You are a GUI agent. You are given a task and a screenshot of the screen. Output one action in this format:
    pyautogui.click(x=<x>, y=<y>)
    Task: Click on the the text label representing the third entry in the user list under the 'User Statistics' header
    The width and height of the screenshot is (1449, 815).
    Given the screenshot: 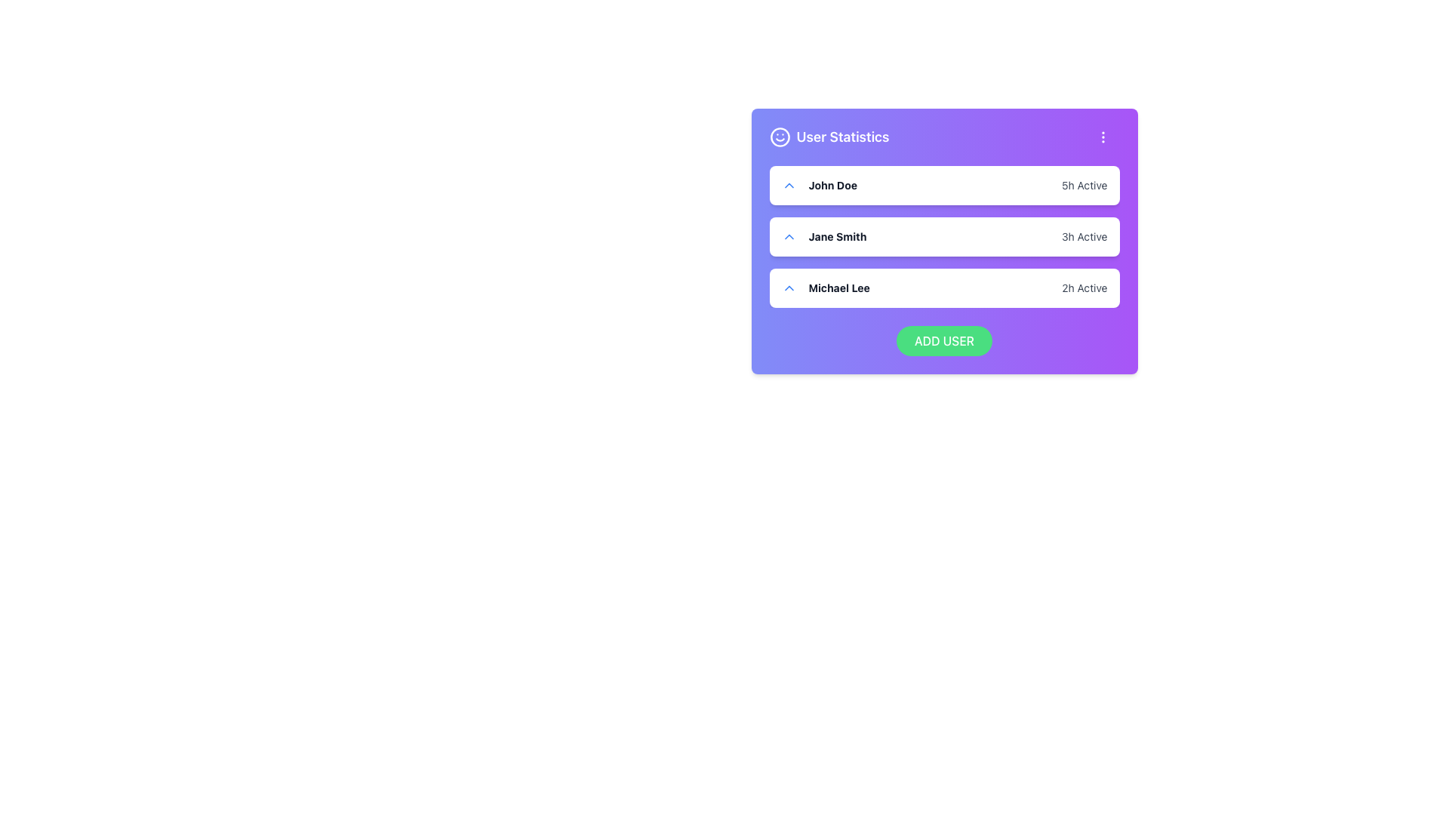 What is the action you would take?
    pyautogui.click(x=825, y=288)
    